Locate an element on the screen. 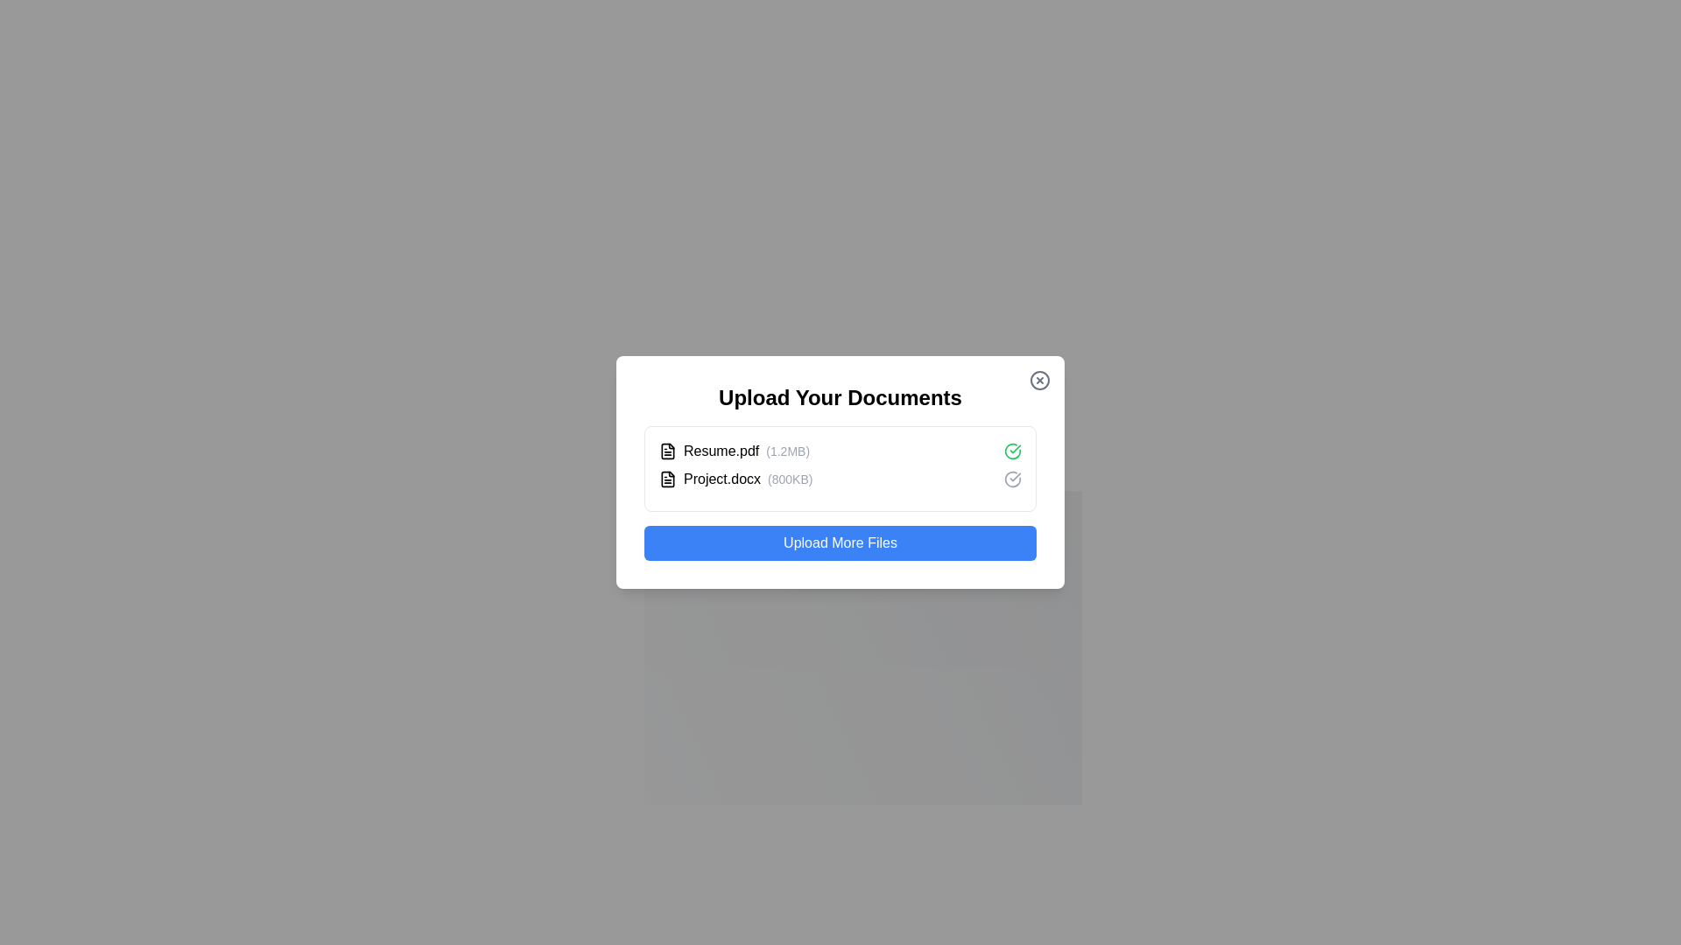  the approval icon located to the far right of the 'Resume.pdf (1.2MB)' text in the document upload list is located at coordinates (1012, 451).